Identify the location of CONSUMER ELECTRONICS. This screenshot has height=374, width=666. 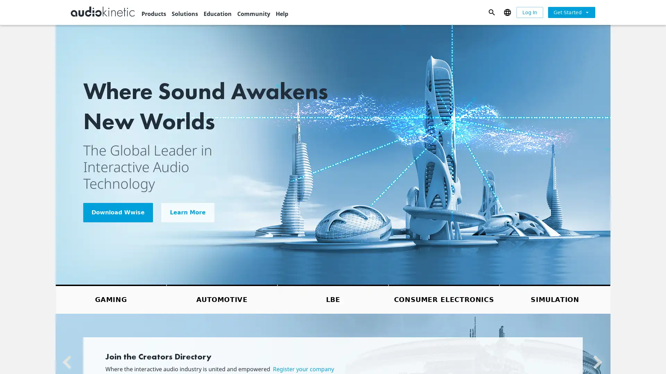
(444, 299).